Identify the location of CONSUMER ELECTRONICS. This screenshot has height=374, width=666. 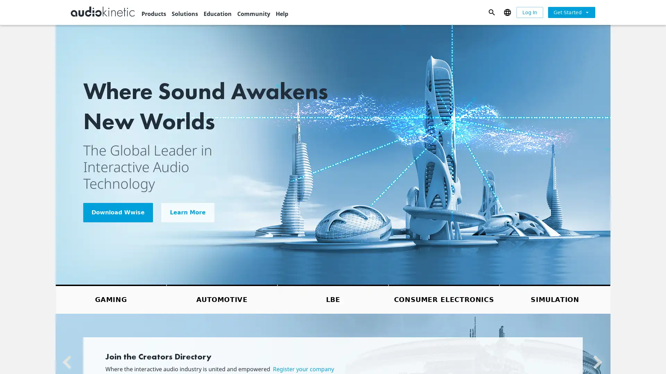
(444, 299).